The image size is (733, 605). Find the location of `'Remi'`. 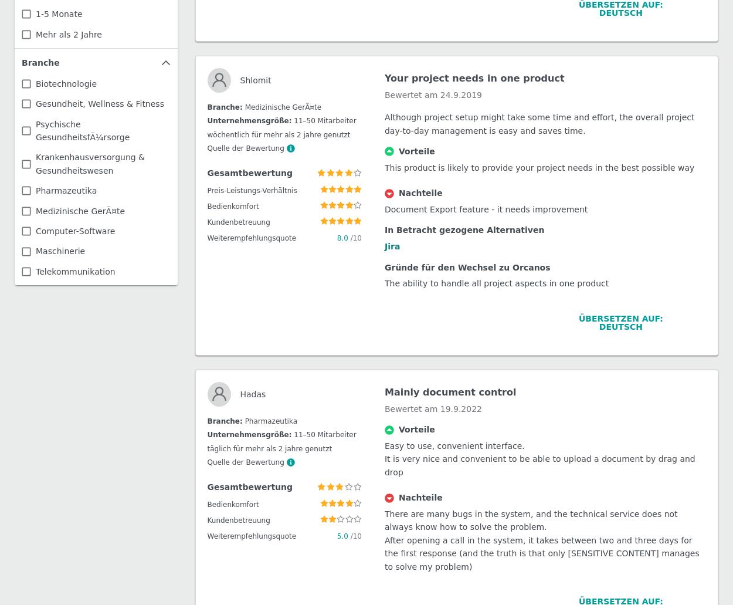

'Remi' is located at coordinates (250, 180).